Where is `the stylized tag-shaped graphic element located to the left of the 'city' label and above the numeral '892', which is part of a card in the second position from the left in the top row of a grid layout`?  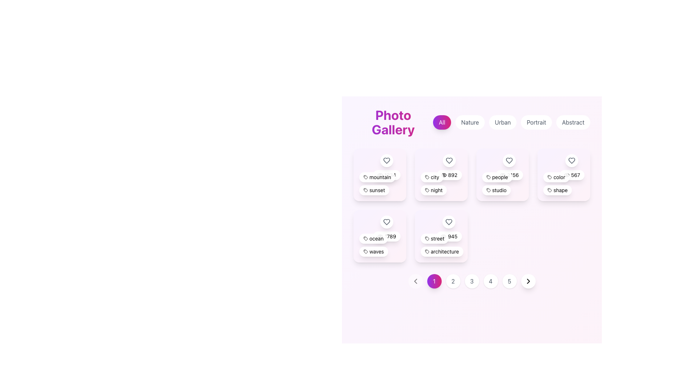 the stylized tag-shaped graphic element located to the left of the 'city' label and above the numeral '892', which is part of a card in the second position from the left in the top row of a grid layout is located at coordinates (427, 177).